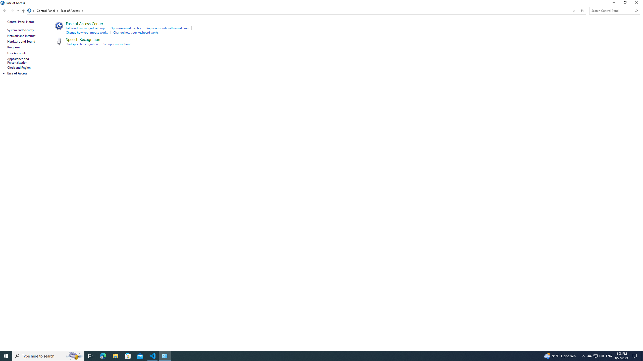 This screenshot has width=643, height=361. I want to click on 'Start speech recognition', so click(82, 44).